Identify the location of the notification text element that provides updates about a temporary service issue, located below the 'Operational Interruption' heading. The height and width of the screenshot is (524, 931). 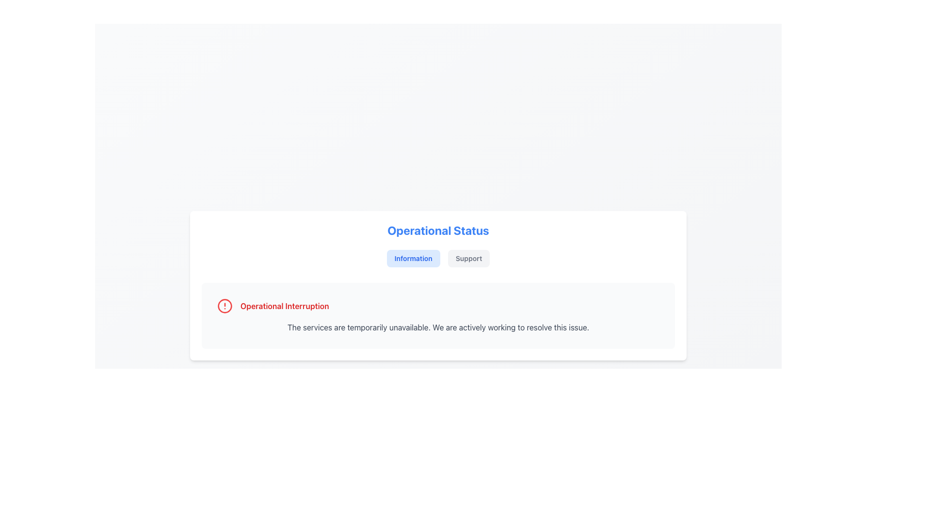
(437, 327).